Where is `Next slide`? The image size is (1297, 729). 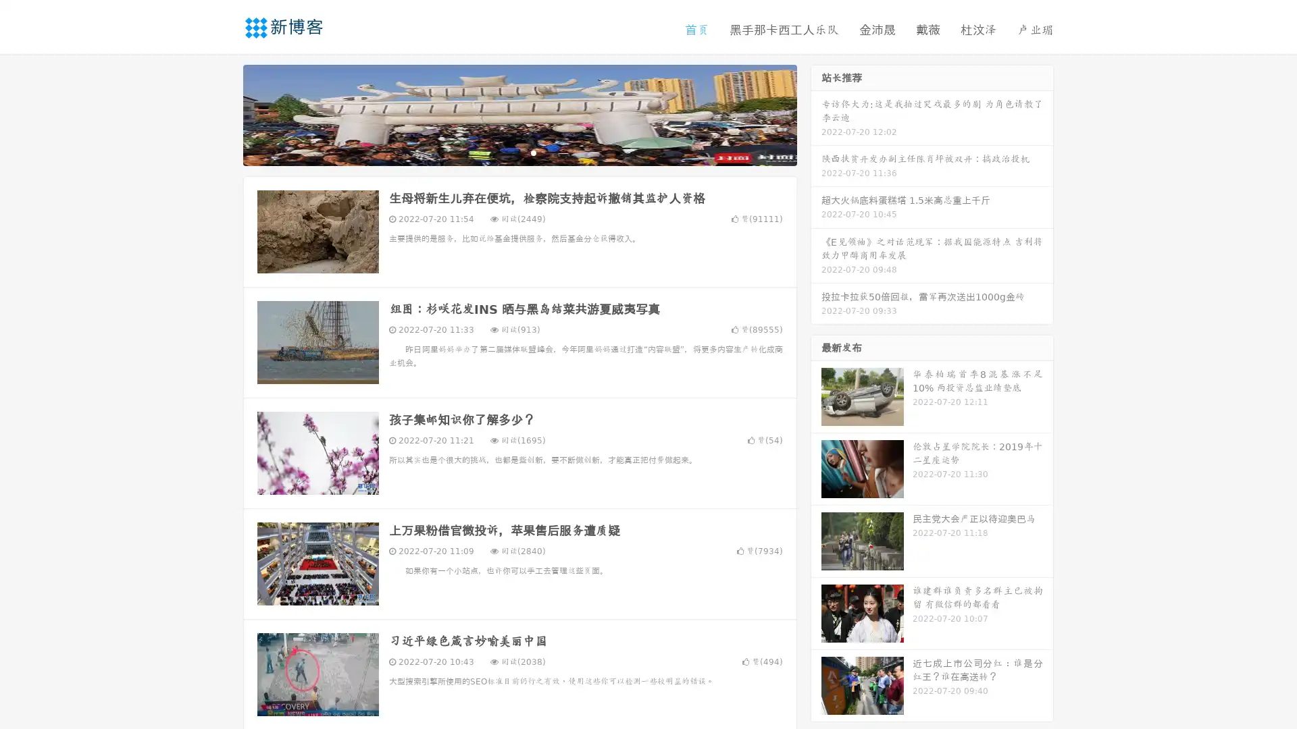 Next slide is located at coordinates (816, 113).